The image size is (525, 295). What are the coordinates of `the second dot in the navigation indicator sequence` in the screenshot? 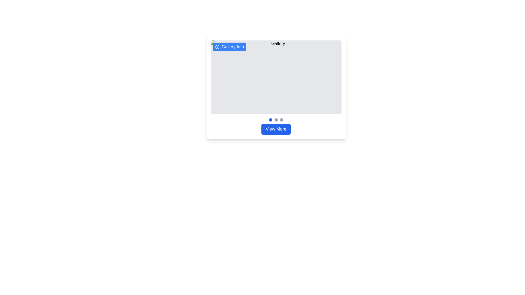 It's located at (276, 119).